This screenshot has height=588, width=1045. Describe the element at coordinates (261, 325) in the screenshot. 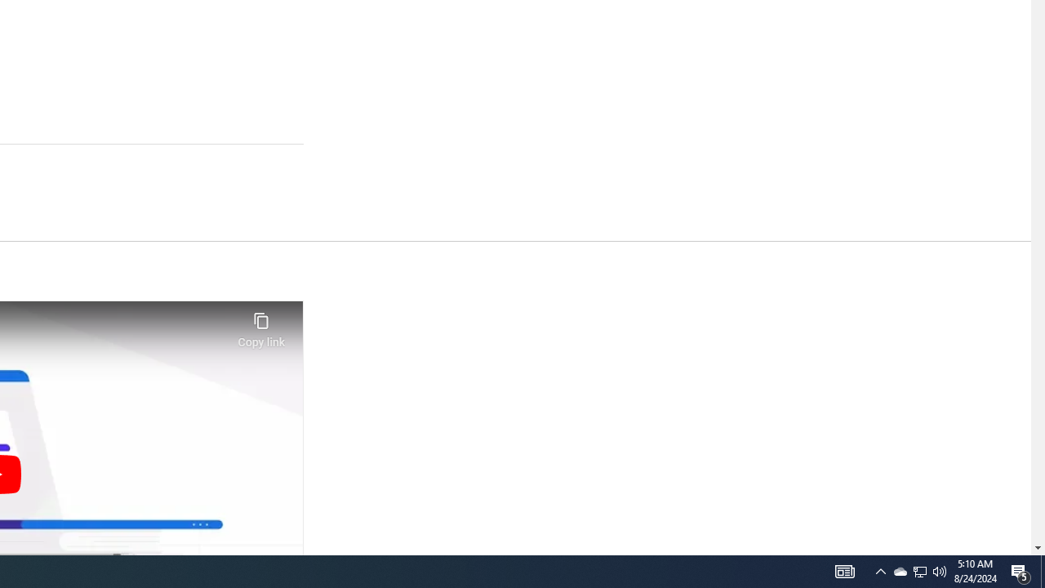

I see `'Copy link'` at that location.